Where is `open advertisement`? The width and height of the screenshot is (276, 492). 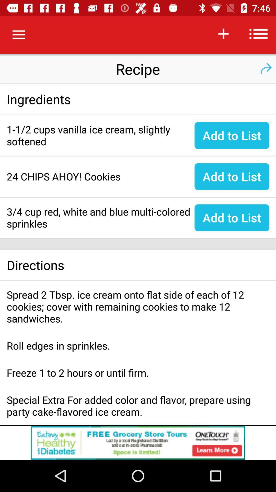 open advertisement is located at coordinates (138, 443).